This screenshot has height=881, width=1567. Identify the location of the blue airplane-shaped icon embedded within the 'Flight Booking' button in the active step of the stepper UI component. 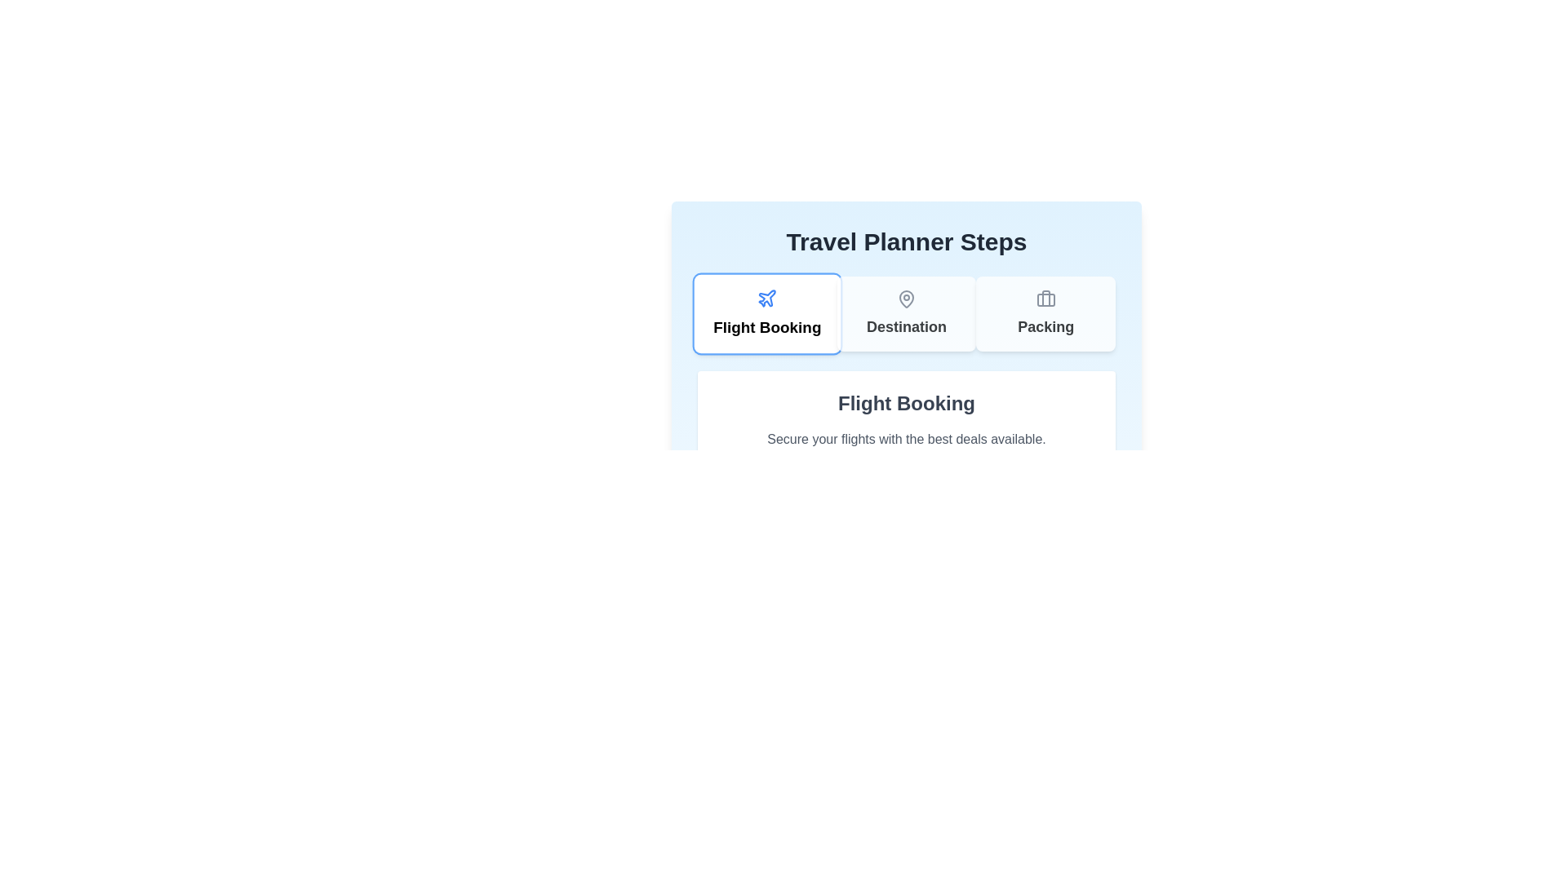
(766, 299).